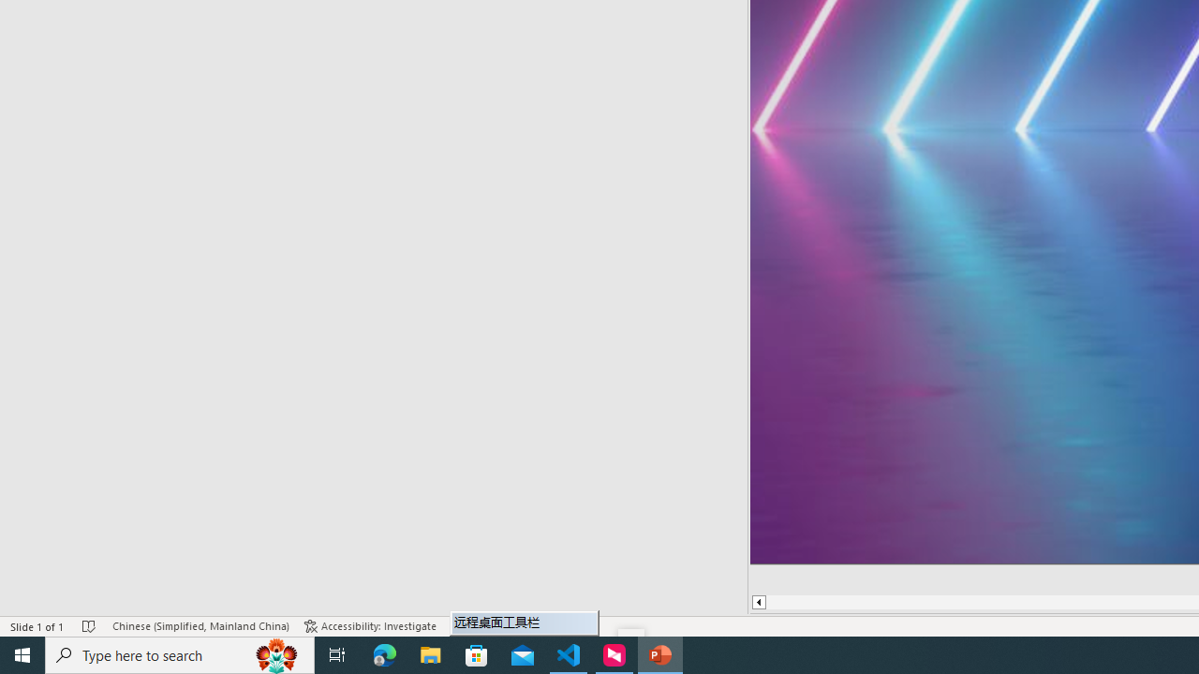 The image size is (1199, 674). I want to click on 'Spell Check No Errors', so click(89, 626).